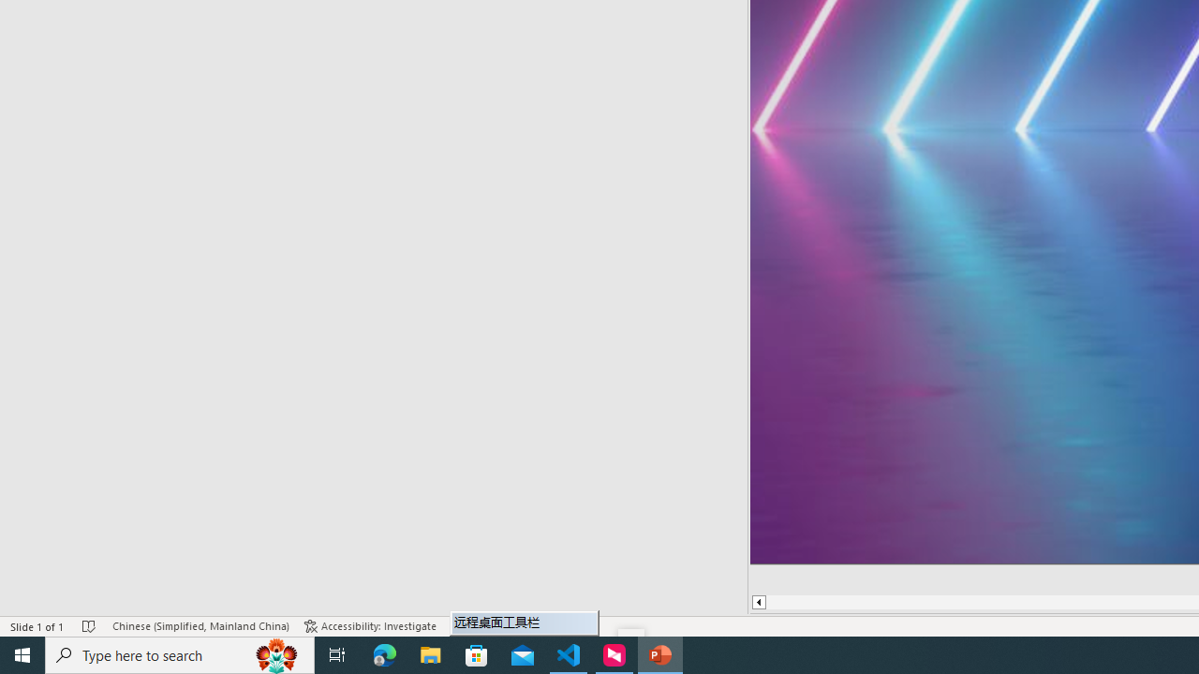 The image size is (1199, 674). I want to click on 'Spell Check No Errors', so click(89, 626).